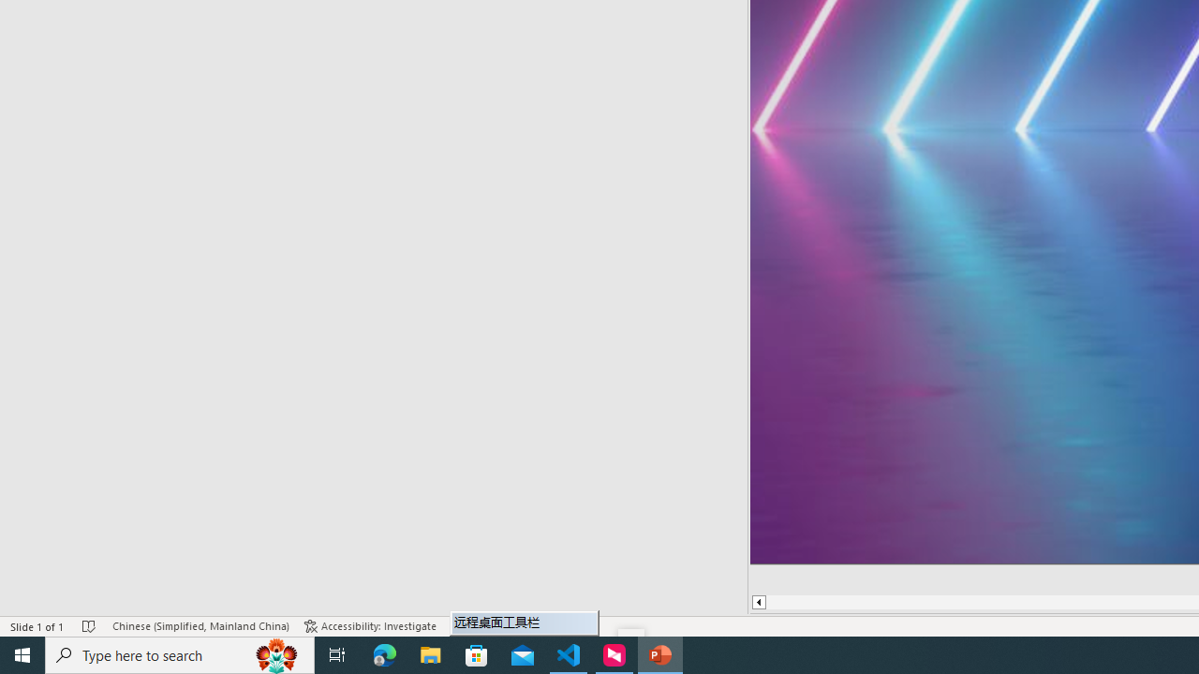 The image size is (1199, 674). I want to click on 'Spell Check No Errors', so click(89, 626).